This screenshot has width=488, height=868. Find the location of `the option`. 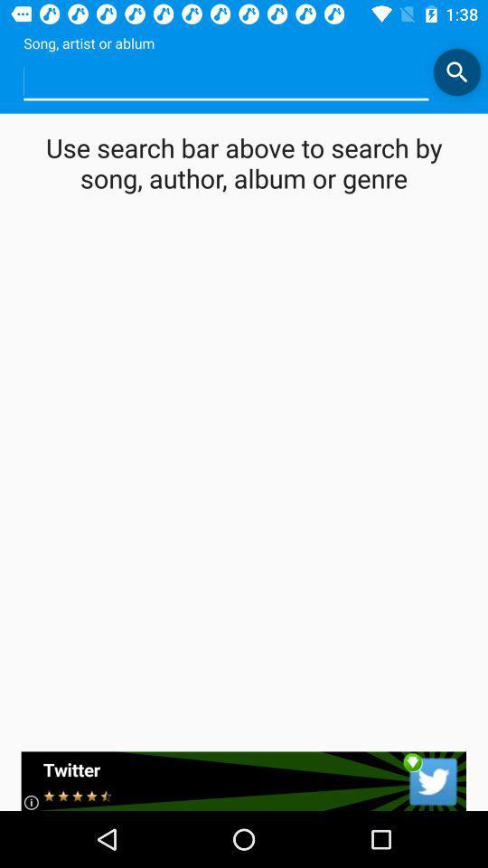

the option is located at coordinates (226, 81).